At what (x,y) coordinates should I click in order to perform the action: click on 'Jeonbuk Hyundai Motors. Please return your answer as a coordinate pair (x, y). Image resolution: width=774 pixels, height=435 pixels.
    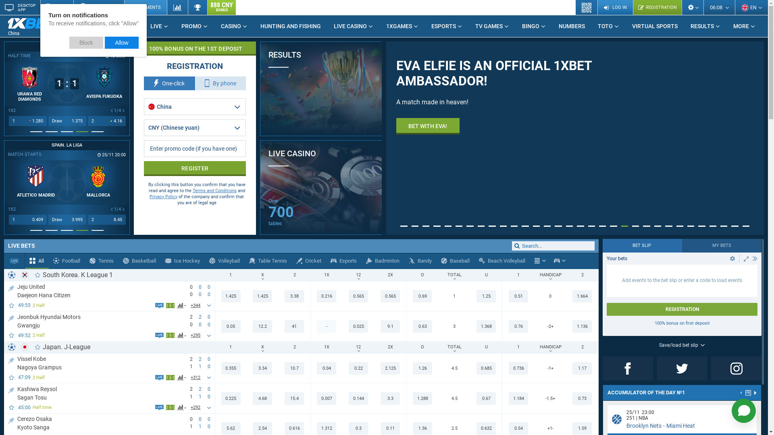
    Looking at the image, I should click on (17, 320).